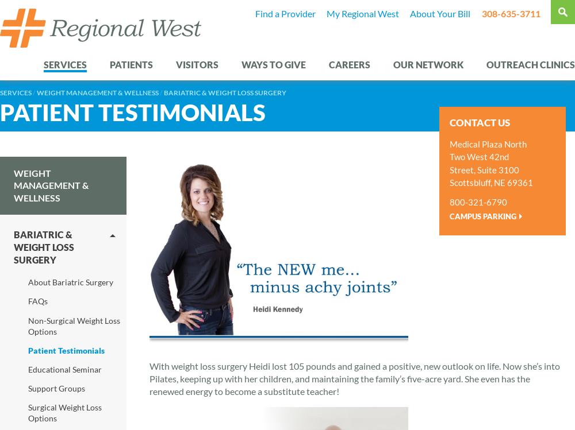 Image resolution: width=575 pixels, height=430 pixels. I want to click on 'Patient Testimonials', so click(132, 111).